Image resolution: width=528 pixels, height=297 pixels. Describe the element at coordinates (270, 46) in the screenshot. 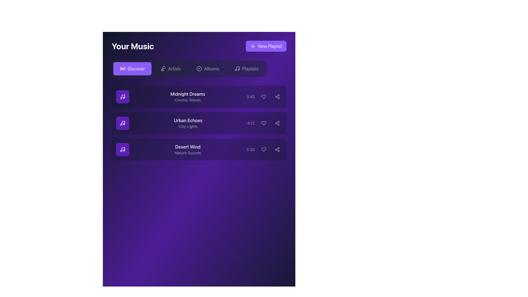

I see `the 'New Playlist' text label within the purple button, which features a '+' icon preceding the text` at that location.